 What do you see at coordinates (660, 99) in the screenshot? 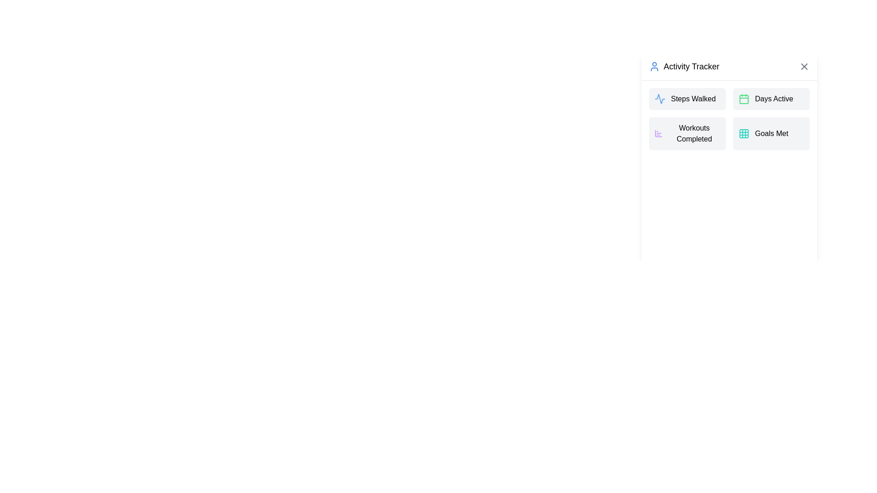
I see `the icon representing activities or tracking` at bounding box center [660, 99].